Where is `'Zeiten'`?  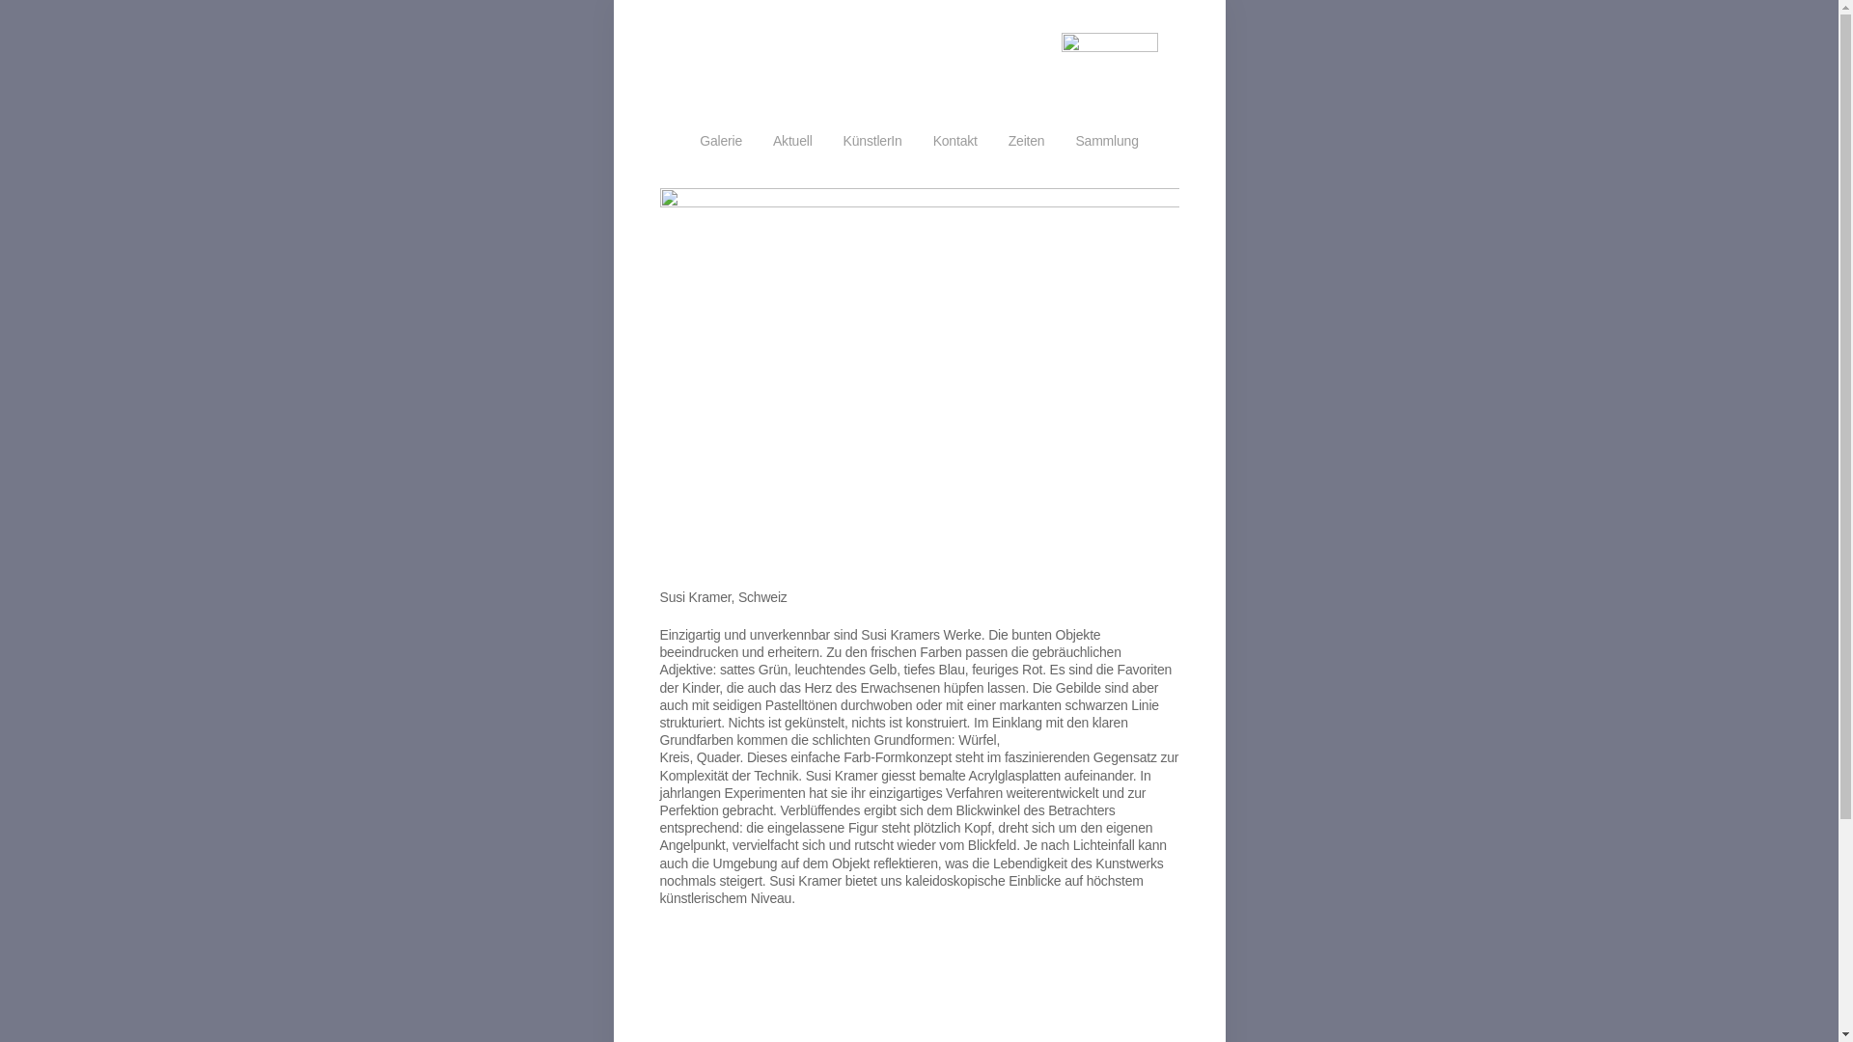
'Zeiten' is located at coordinates (1026, 140).